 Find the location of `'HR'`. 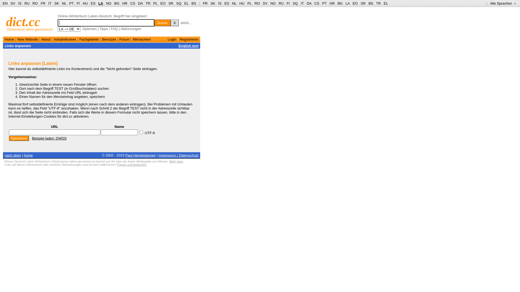

'HR' is located at coordinates (332, 3).